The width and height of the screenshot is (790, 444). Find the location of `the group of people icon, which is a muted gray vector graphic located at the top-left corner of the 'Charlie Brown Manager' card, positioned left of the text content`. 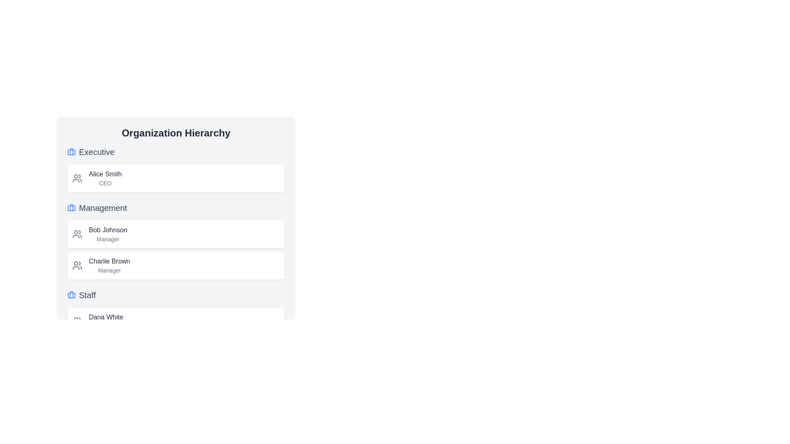

the group of people icon, which is a muted gray vector graphic located at the top-left corner of the 'Charlie Brown Manager' card, positioned left of the text content is located at coordinates (77, 265).